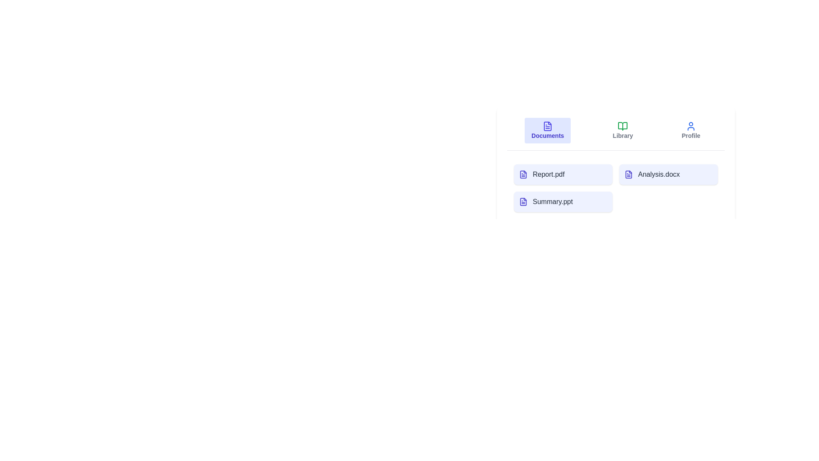 The height and width of the screenshot is (461, 819). What do you see at coordinates (623, 130) in the screenshot?
I see `the Library tab to switch to the corresponding view` at bounding box center [623, 130].